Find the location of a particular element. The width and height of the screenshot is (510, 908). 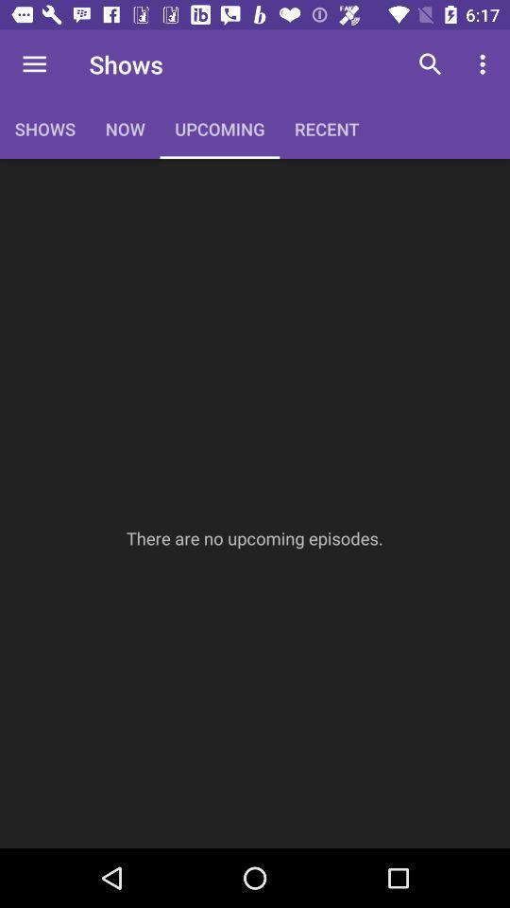

item above shows item is located at coordinates (34, 64).